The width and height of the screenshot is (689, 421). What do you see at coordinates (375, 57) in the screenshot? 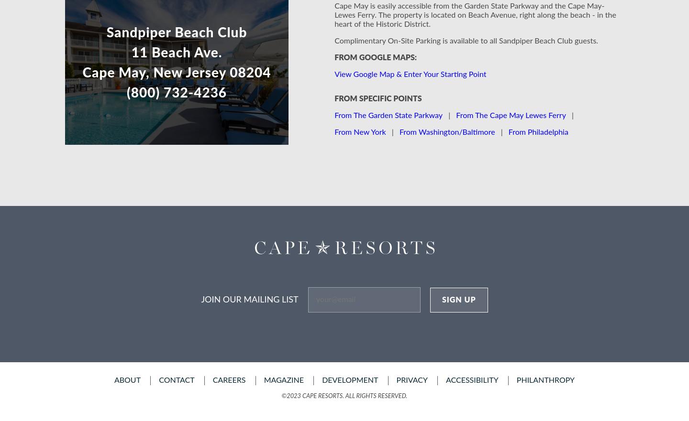
I see `'From Google Maps:'` at bounding box center [375, 57].